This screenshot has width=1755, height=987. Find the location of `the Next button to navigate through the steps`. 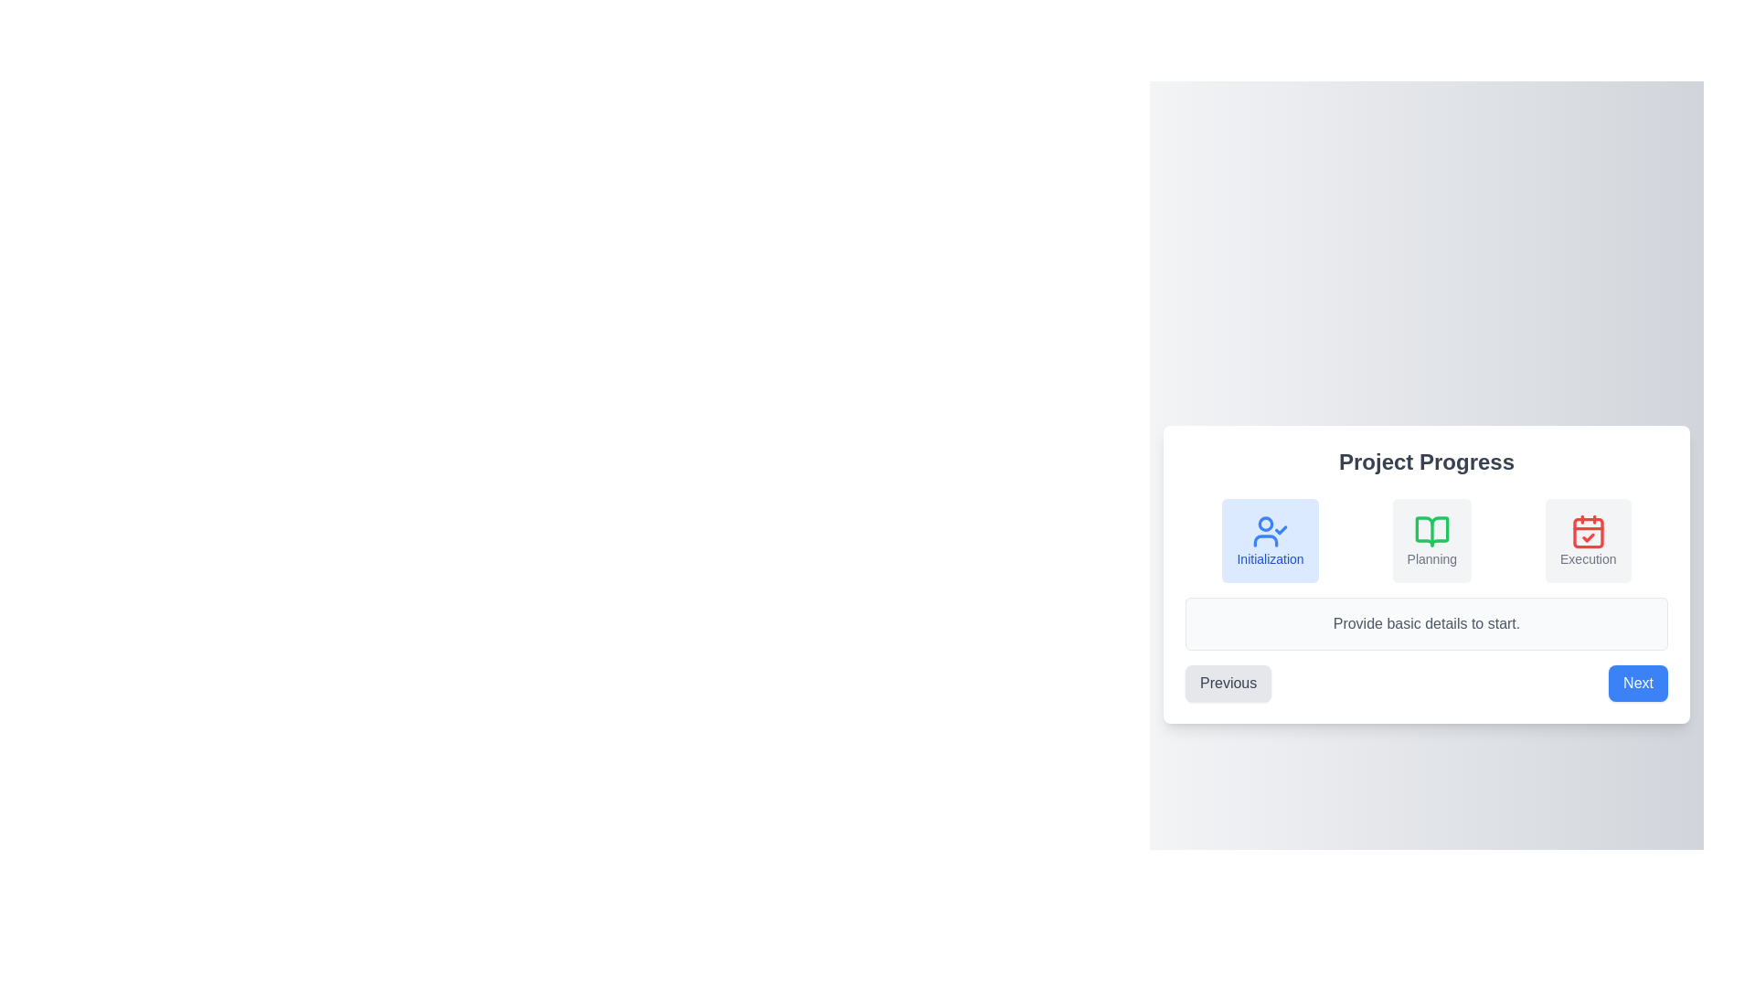

the Next button to navigate through the steps is located at coordinates (1638, 684).